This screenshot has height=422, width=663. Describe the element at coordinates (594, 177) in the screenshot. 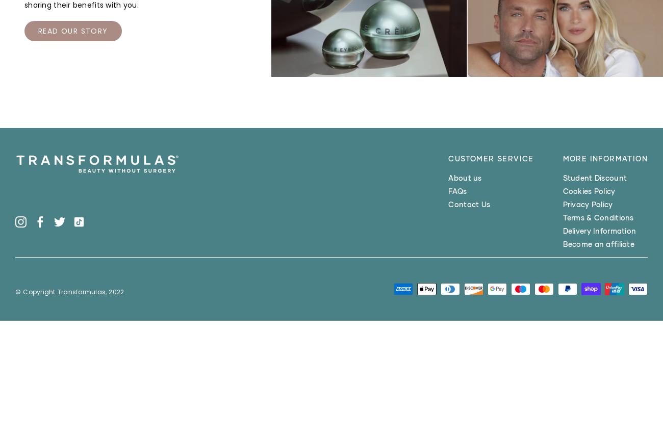

I see `'Student Discount'` at that location.